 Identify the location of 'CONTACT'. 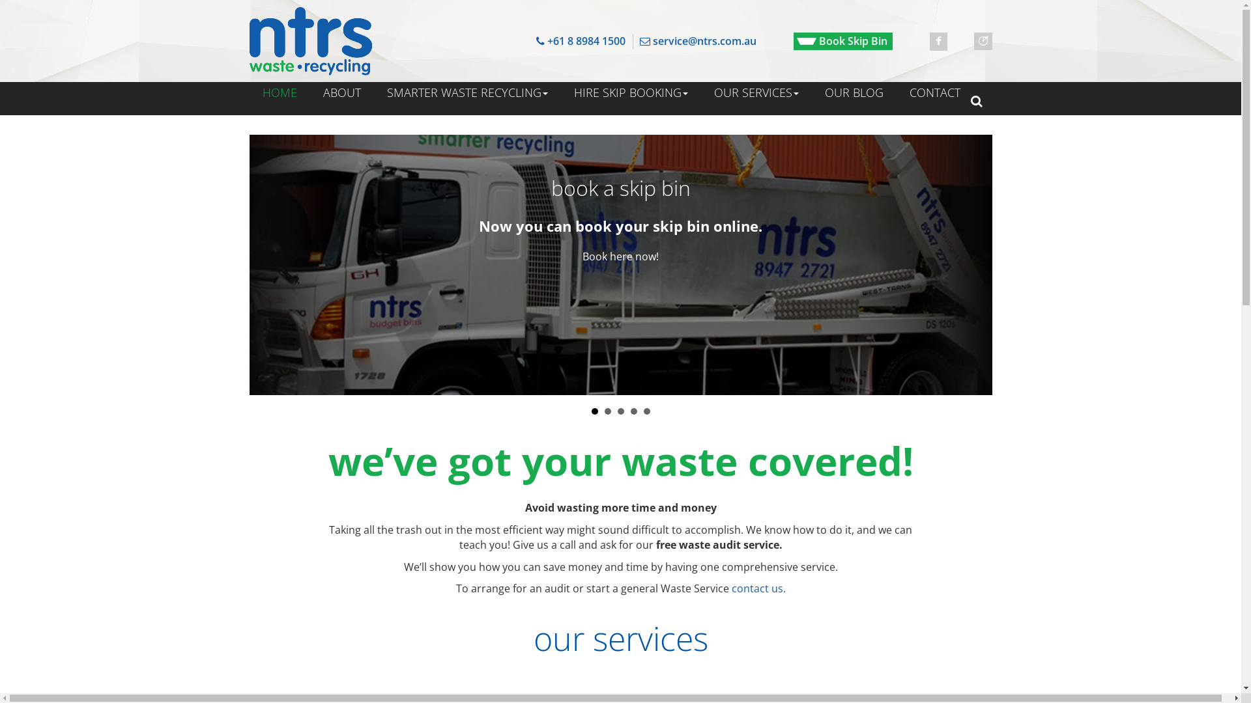
(896, 92).